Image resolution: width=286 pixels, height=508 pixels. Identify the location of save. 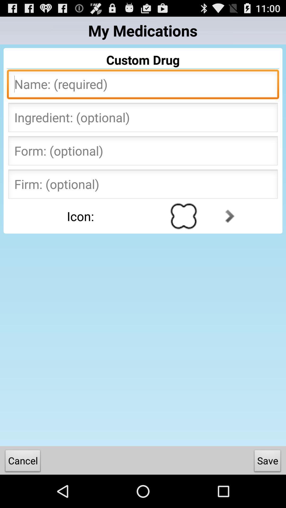
(267, 462).